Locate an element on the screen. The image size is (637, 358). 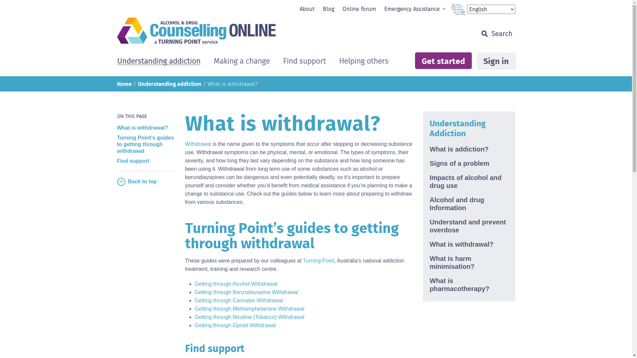
'Emergency Assistance' is located at coordinates (414, 9).